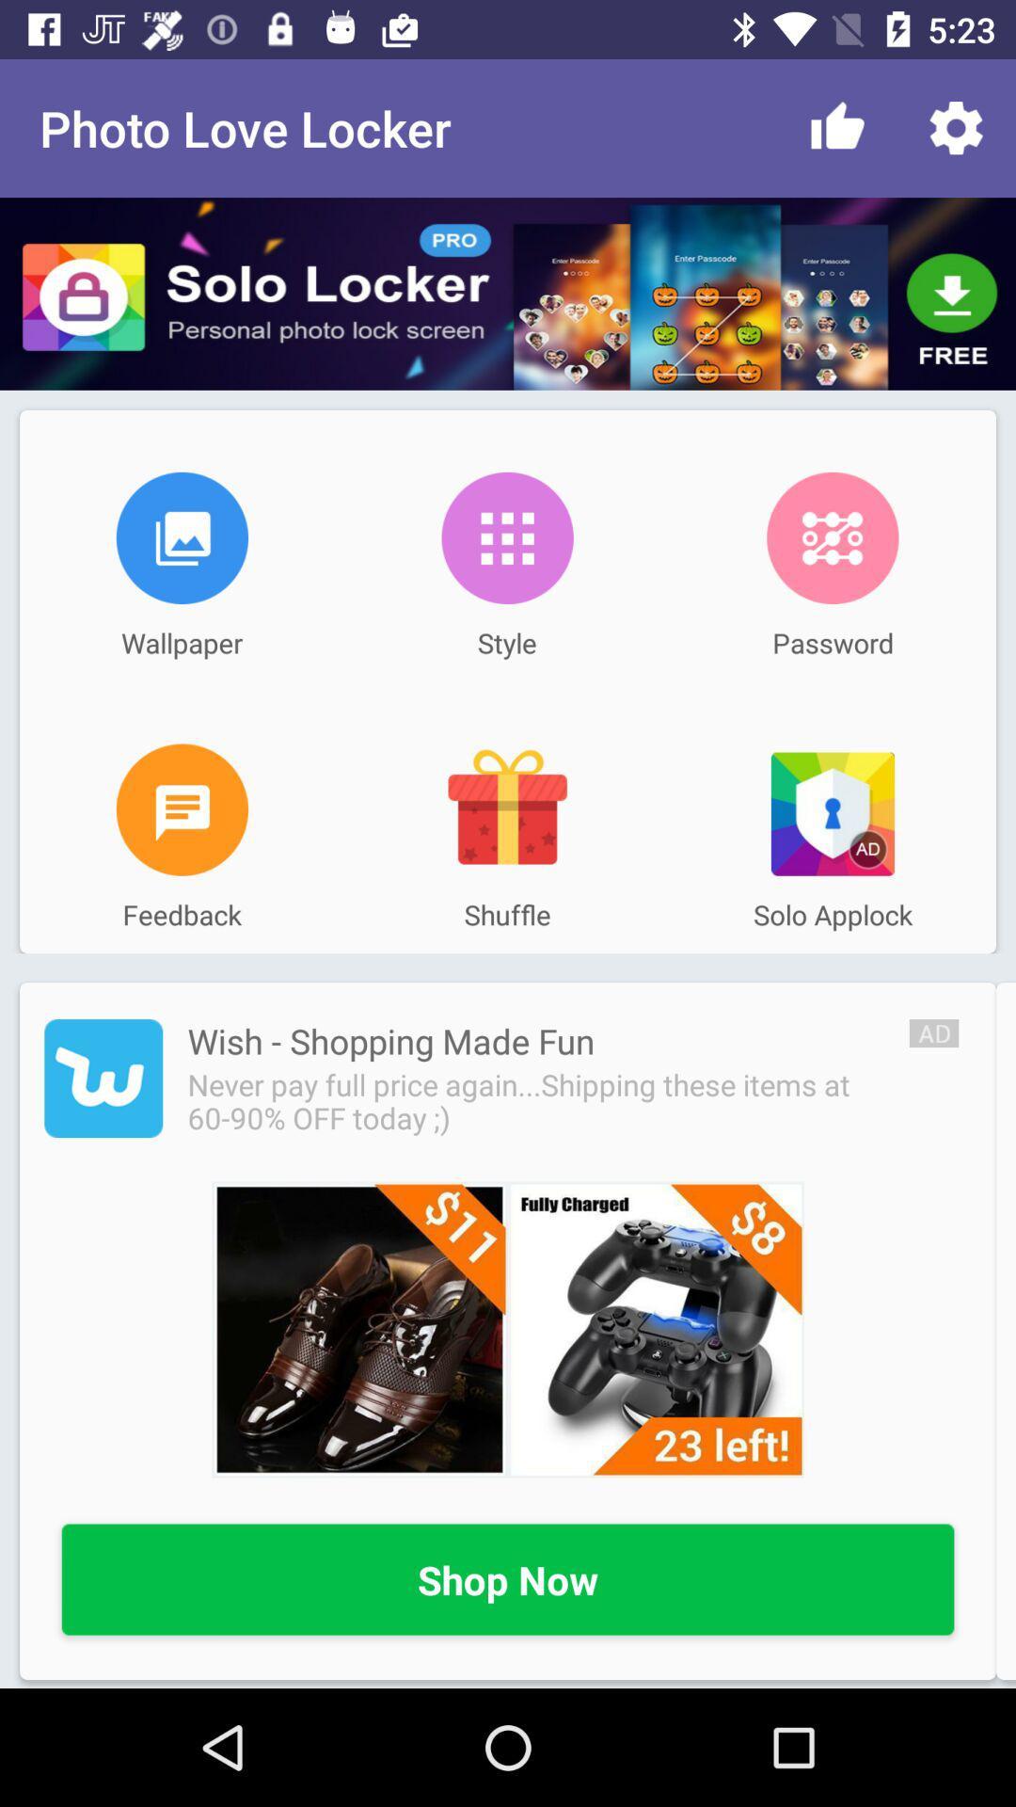 This screenshot has height=1807, width=1016. Describe the element at coordinates (389, 1040) in the screenshot. I see `the icon below feedback item` at that location.